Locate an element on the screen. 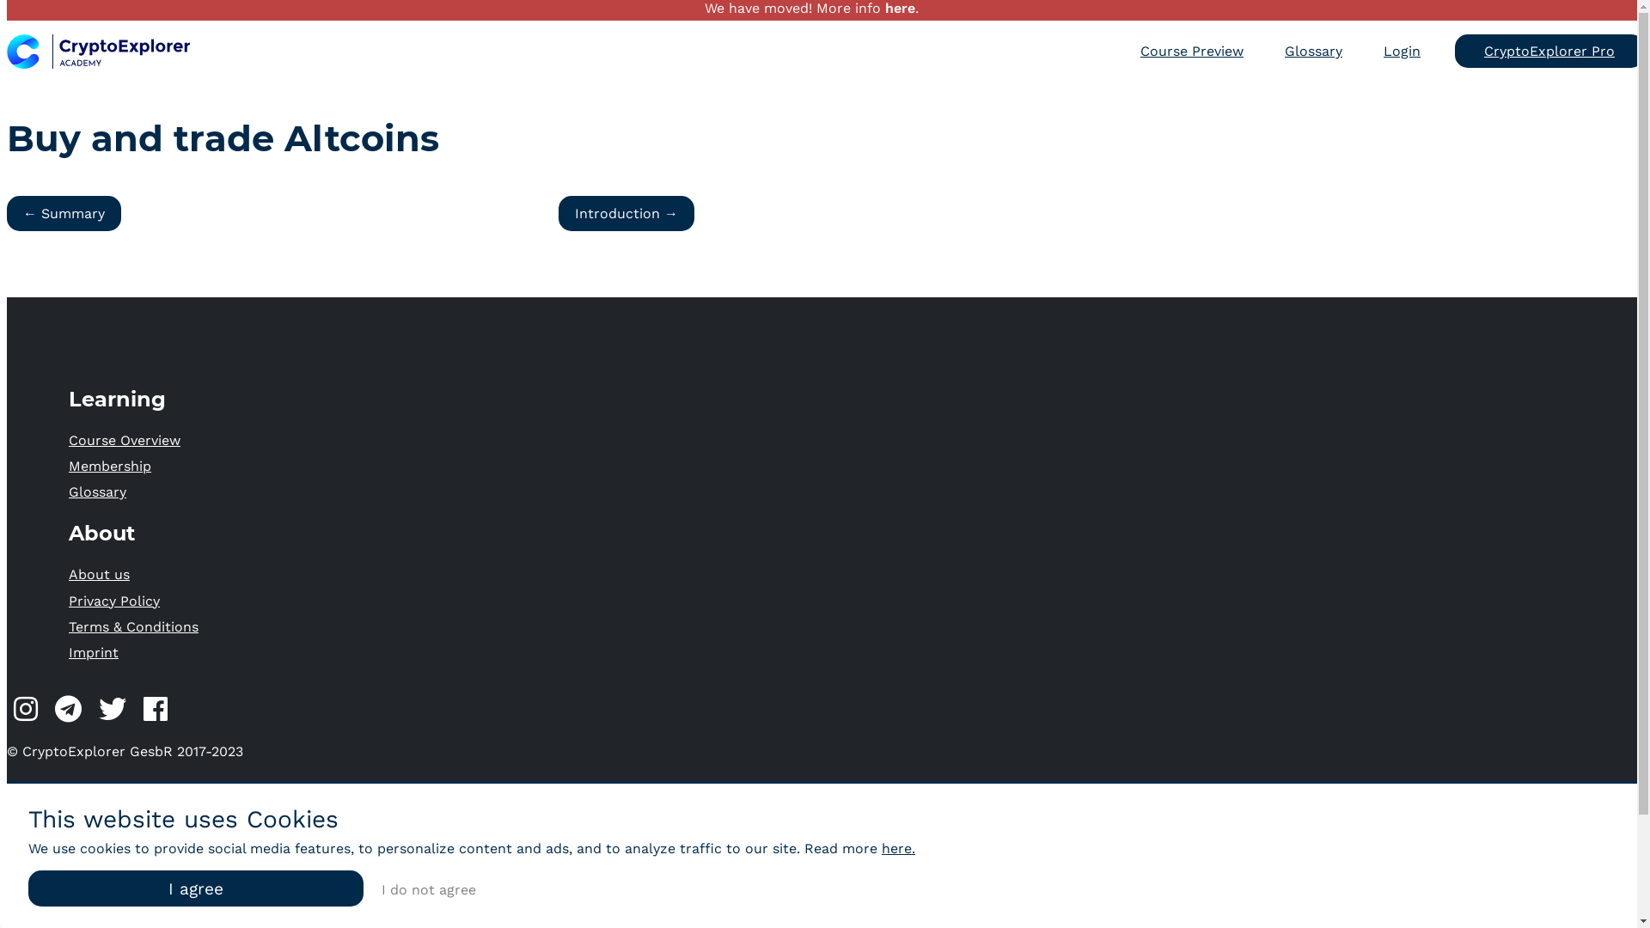 This screenshot has width=1650, height=928. 'Login' is located at coordinates (1402, 50).